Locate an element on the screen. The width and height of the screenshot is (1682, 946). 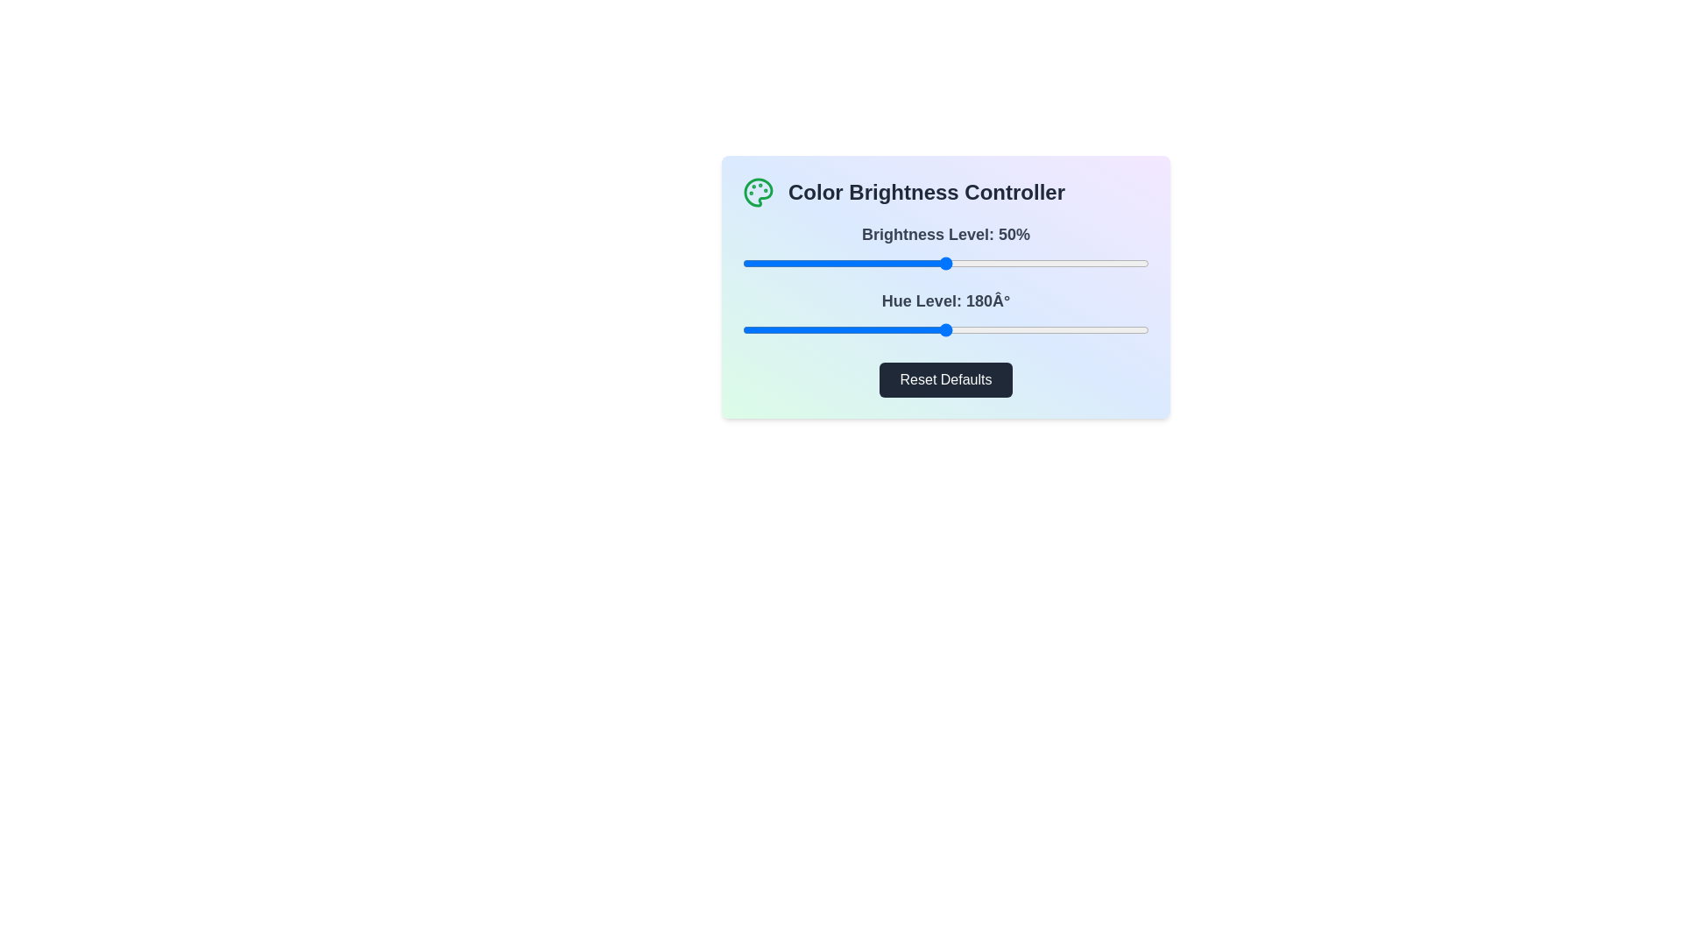
the brightness slider to 92% is located at coordinates (1115, 263).